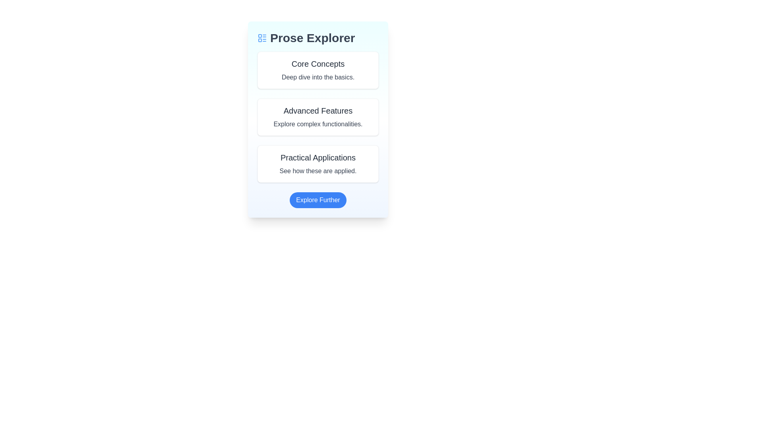 The image size is (763, 429). I want to click on the title label indicating a section or category within the interface, which is located above the text 'Explore complex functionalities.', so click(318, 110).